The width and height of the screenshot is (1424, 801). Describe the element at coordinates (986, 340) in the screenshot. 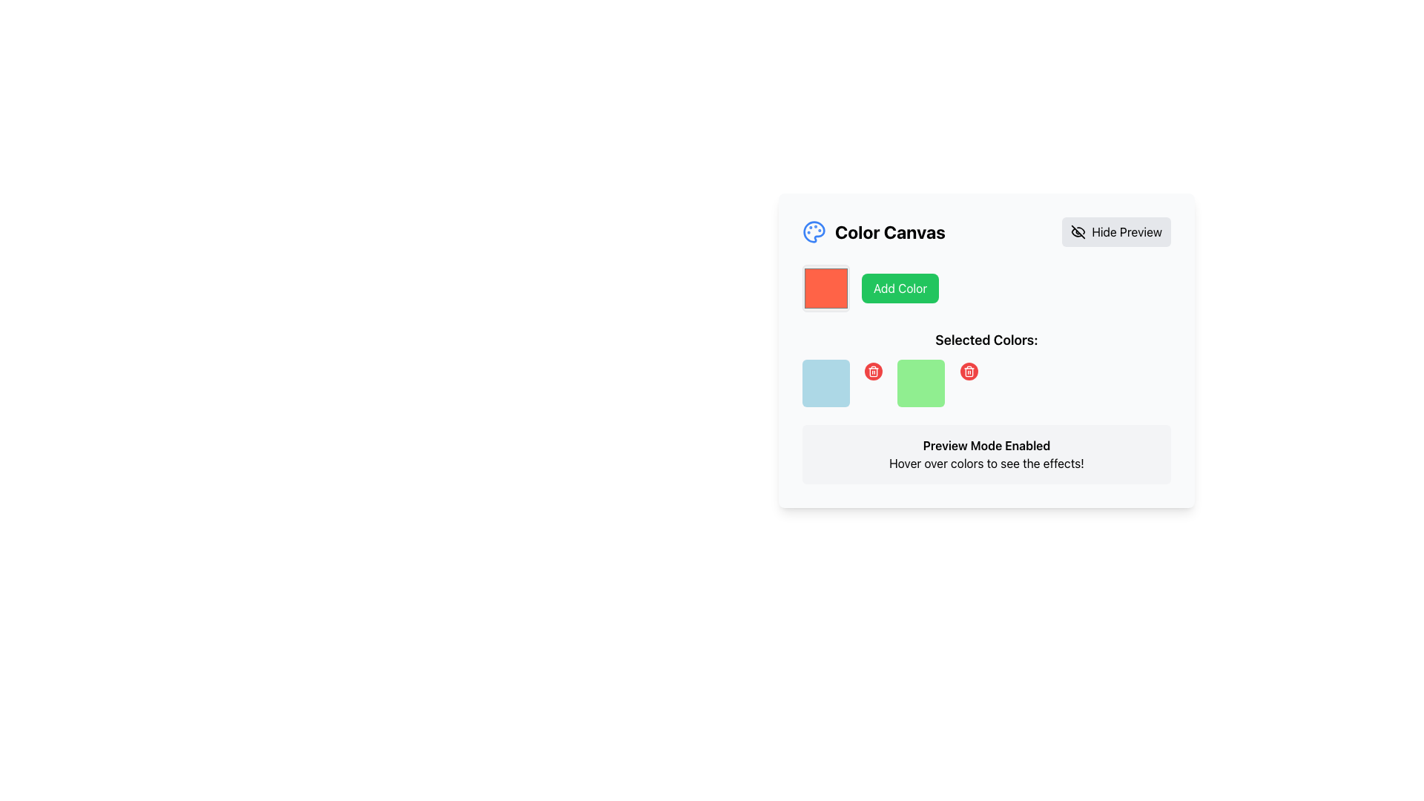

I see `text label displaying 'Selected Colors:' which is positioned above the grid of color swatches in the 'Color Canvas' section` at that location.